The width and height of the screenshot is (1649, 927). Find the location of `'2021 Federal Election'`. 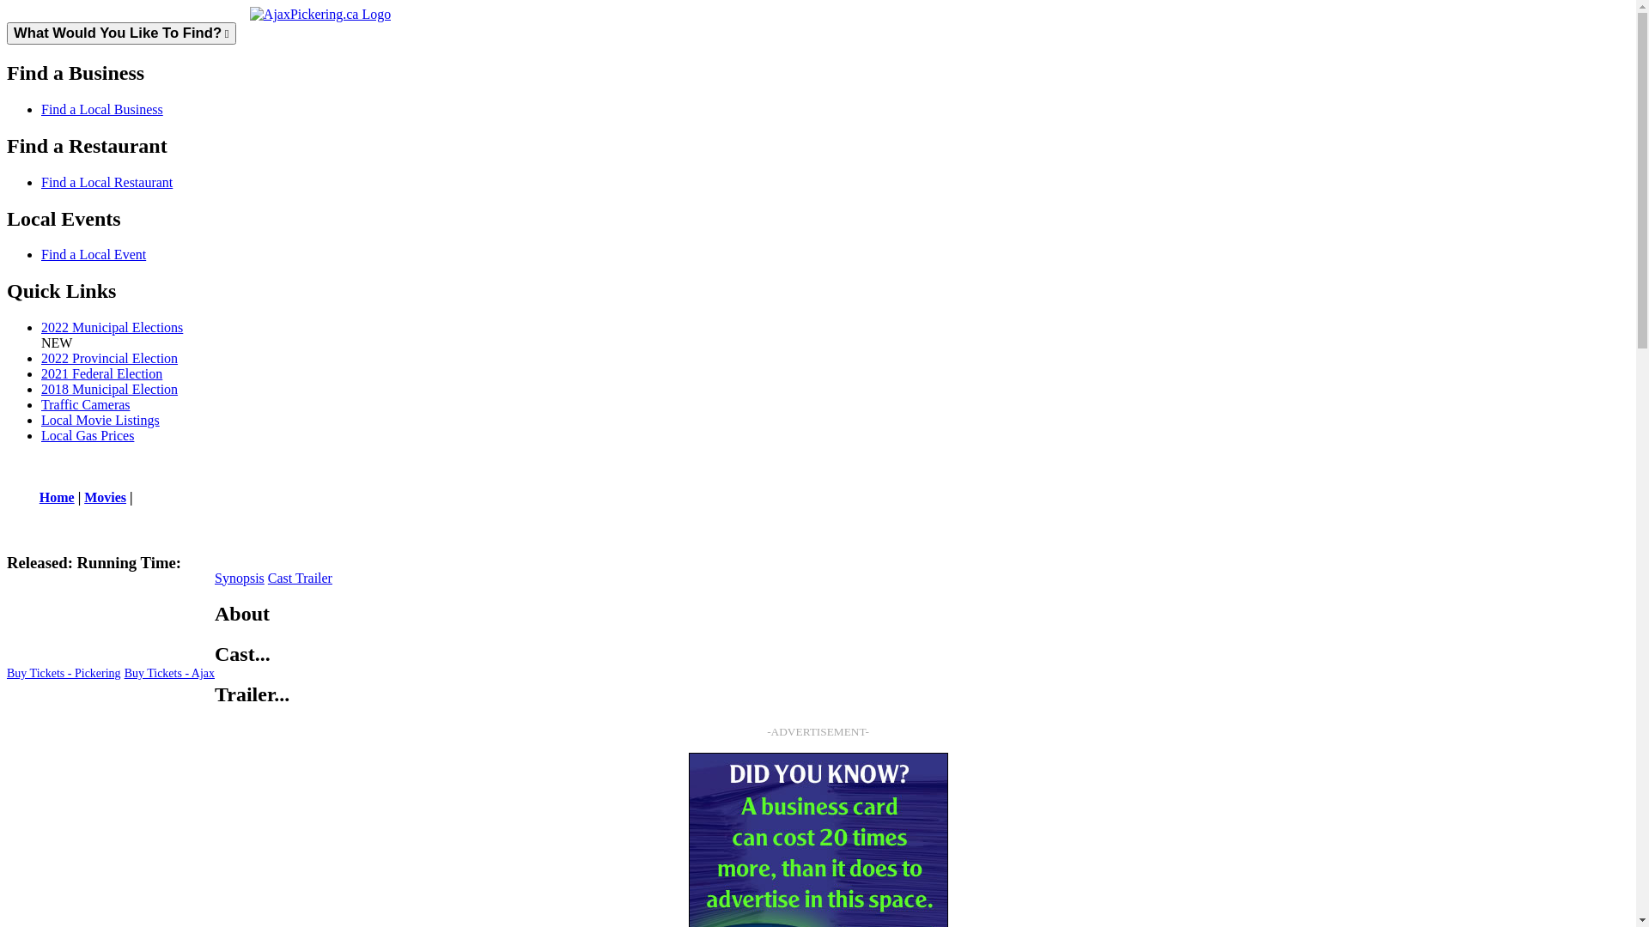

'2021 Federal Election' is located at coordinates (100, 373).